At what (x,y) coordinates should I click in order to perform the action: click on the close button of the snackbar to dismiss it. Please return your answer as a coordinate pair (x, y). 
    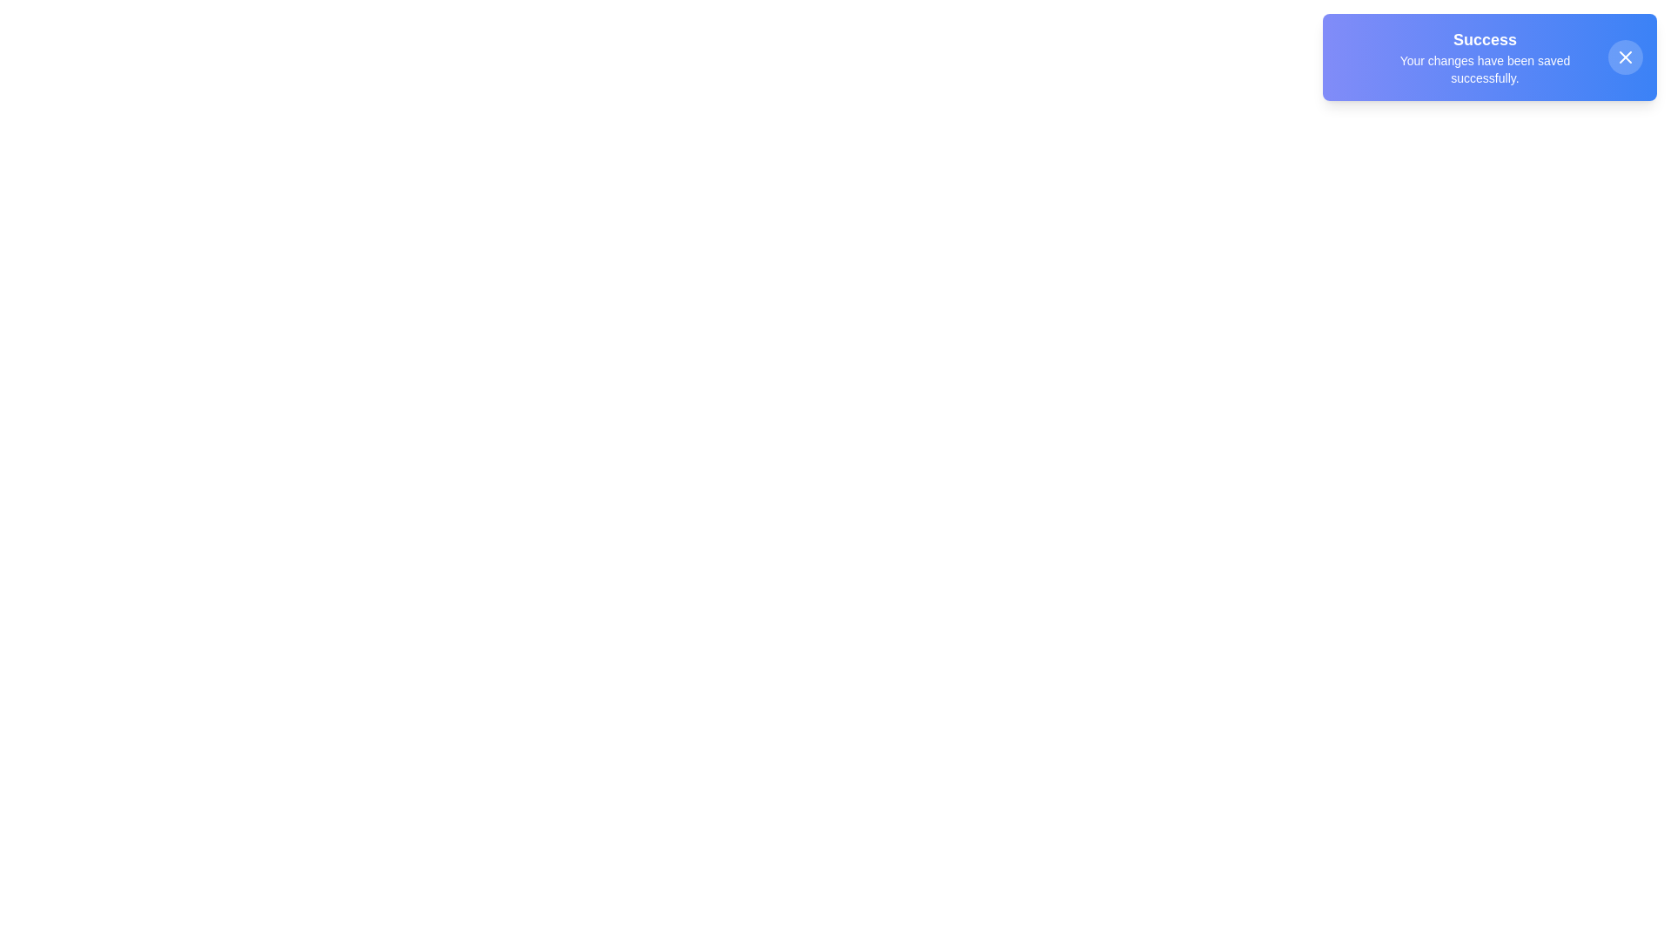
    Looking at the image, I should click on (1624, 56).